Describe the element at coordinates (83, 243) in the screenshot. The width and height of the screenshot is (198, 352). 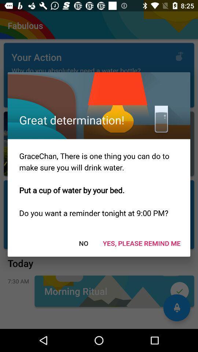
I see `icon below the gracechan there is` at that location.